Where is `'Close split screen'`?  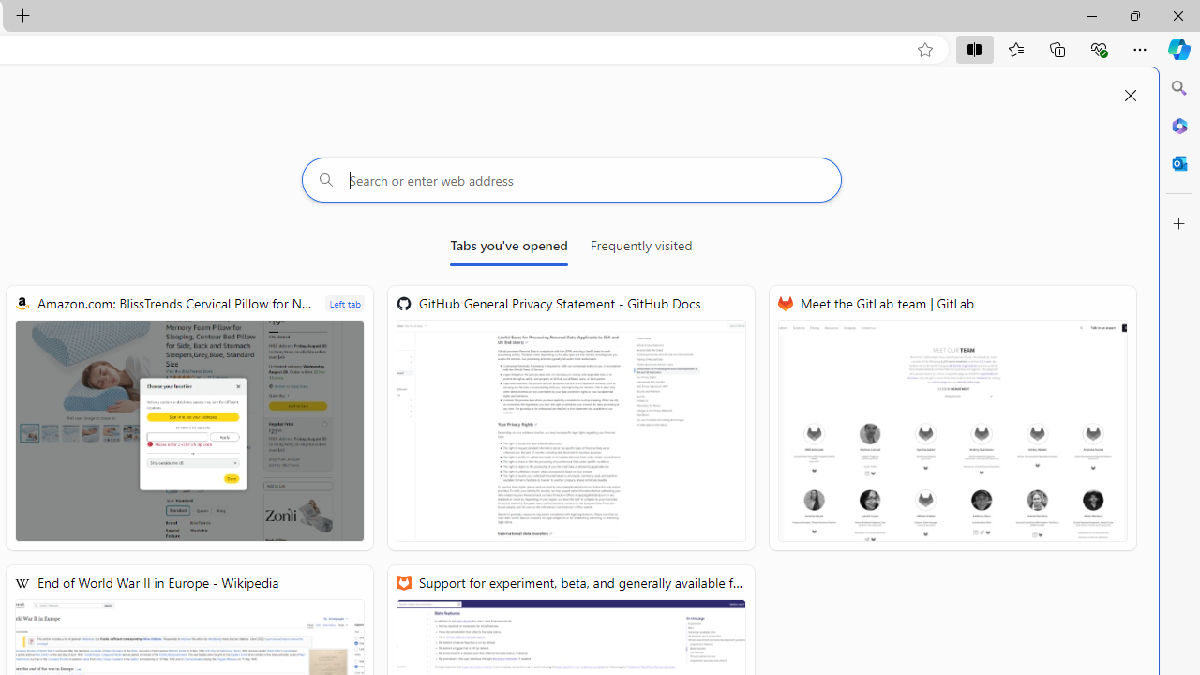 'Close split screen' is located at coordinates (1129, 96).